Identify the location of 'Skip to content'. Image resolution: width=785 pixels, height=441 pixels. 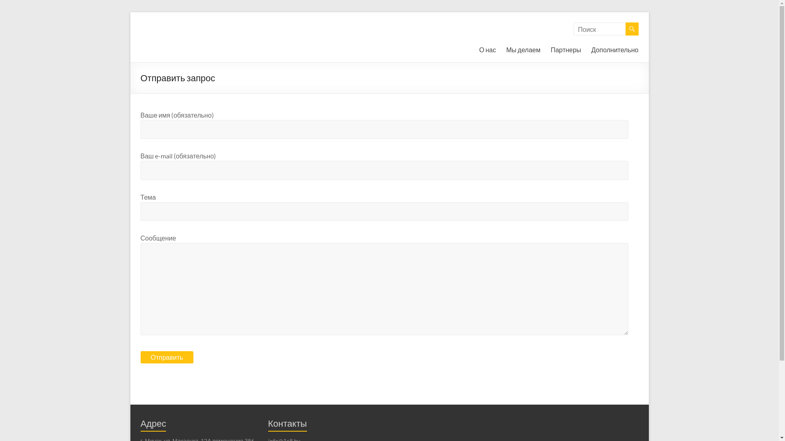
(129, 12).